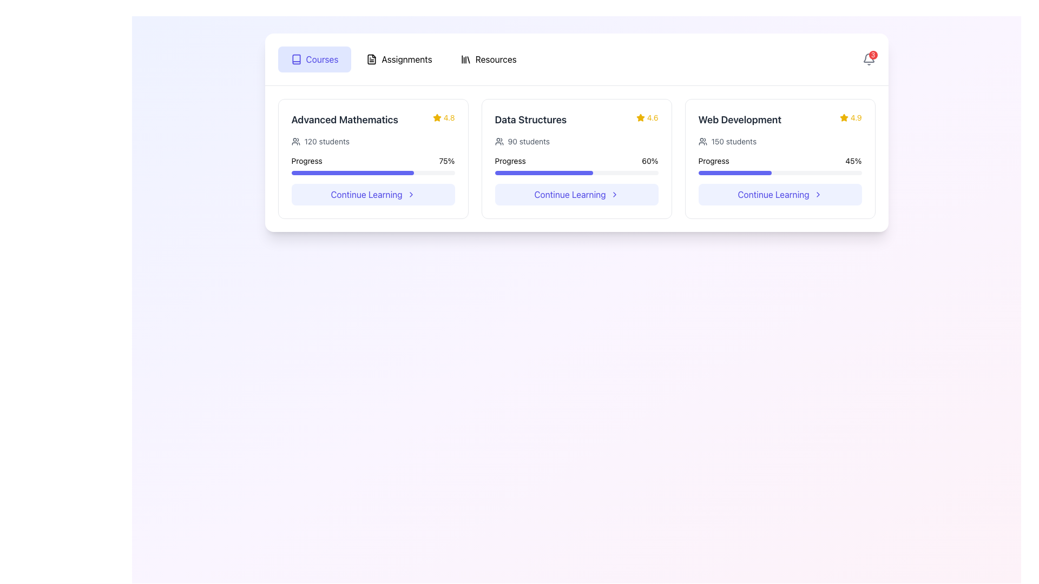 The width and height of the screenshot is (1039, 584). What do you see at coordinates (569, 194) in the screenshot?
I see `the 'Continue Learning' text label displayed in blue font within the button located in the second card titled 'Data Structures'` at bounding box center [569, 194].